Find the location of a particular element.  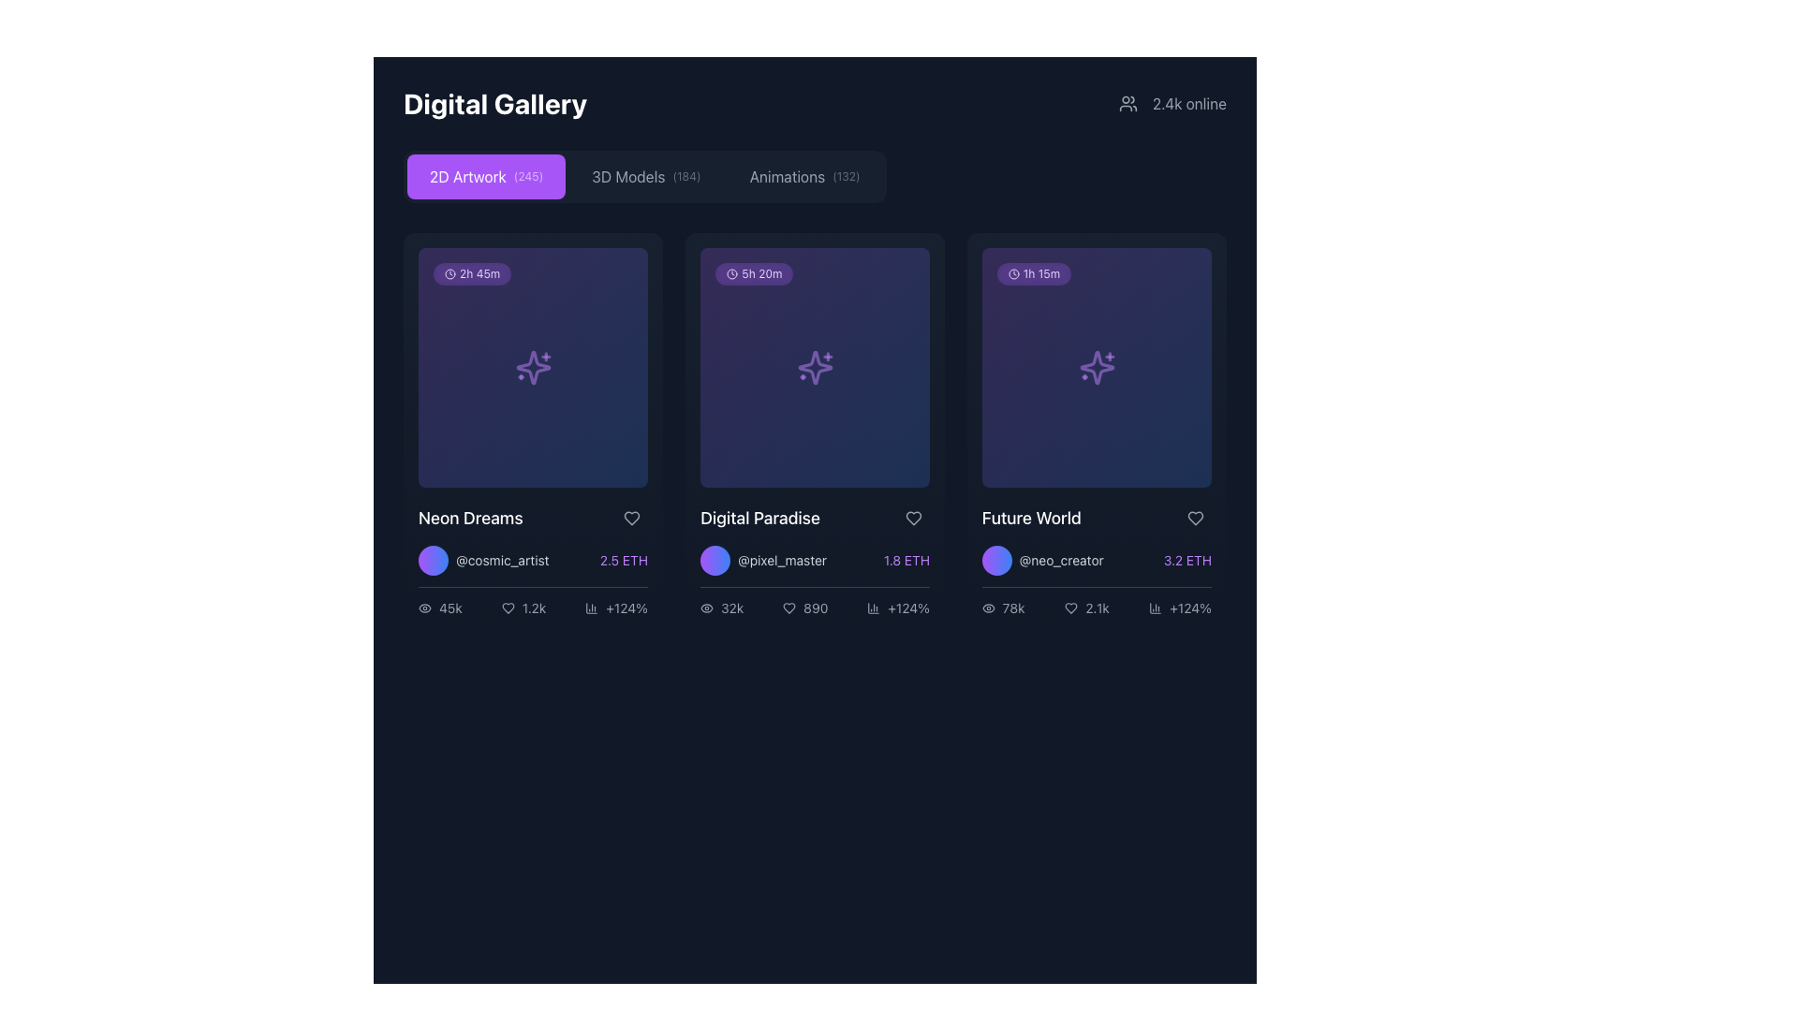

the decorative star-like icon with a glowing purple outline, which is centrally located within the third card of the gallery, directly beneath the '1h 15m' label is located at coordinates (1097, 368).